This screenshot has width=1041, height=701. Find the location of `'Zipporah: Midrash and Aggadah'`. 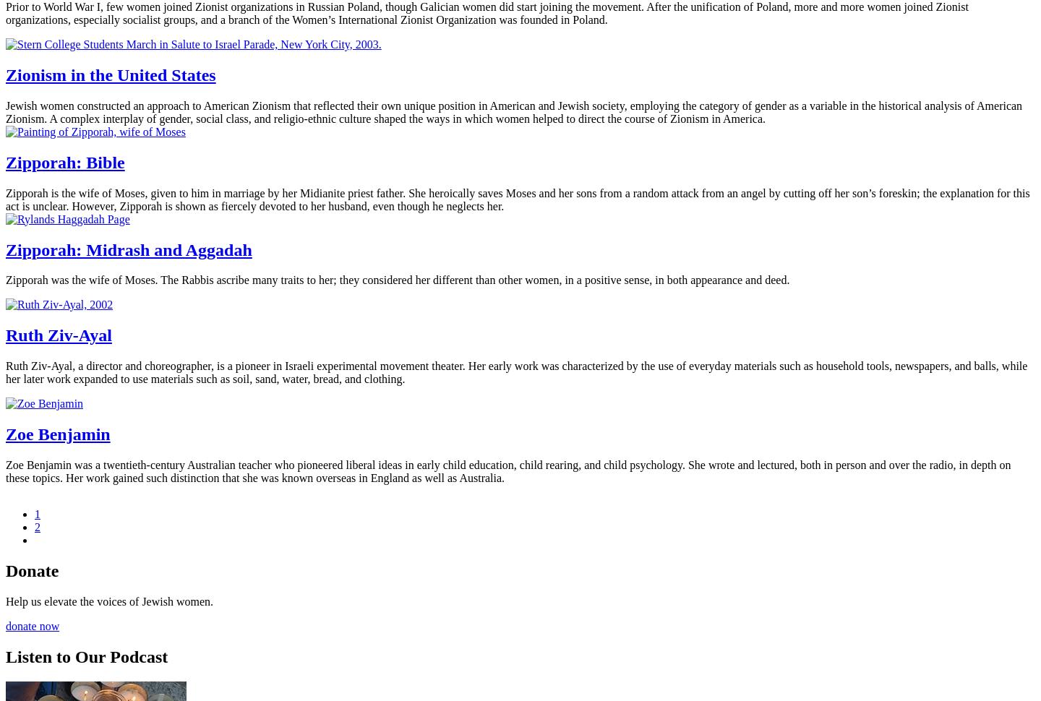

'Zipporah: Midrash and Aggadah' is located at coordinates (5, 249).